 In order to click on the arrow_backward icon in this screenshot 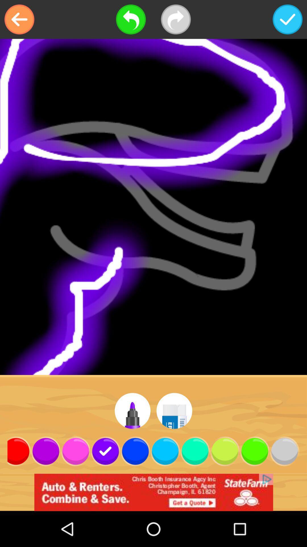, I will do `click(19, 19)`.